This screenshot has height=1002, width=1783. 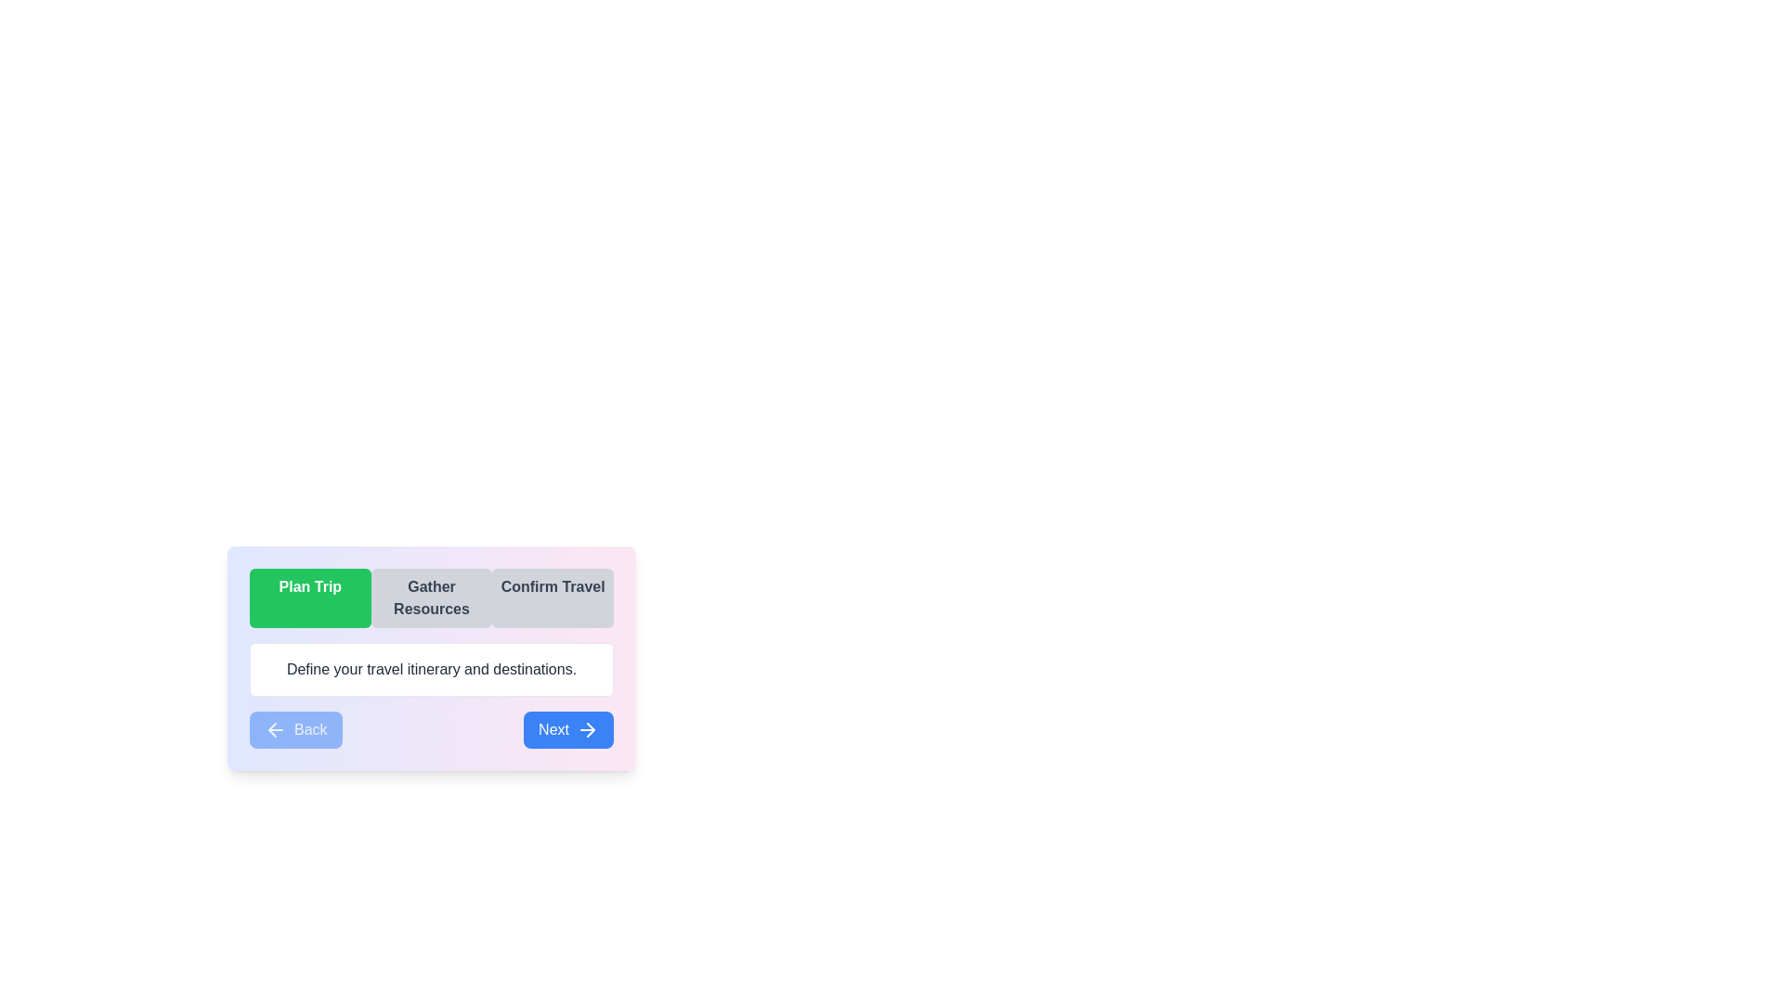 What do you see at coordinates (275, 728) in the screenshot?
I see `the 'Back' icon located within the blue 'Back' button in the lower-left section of the card interface, which assists users in navigating to a previous step` at bounding box center [275, 728].